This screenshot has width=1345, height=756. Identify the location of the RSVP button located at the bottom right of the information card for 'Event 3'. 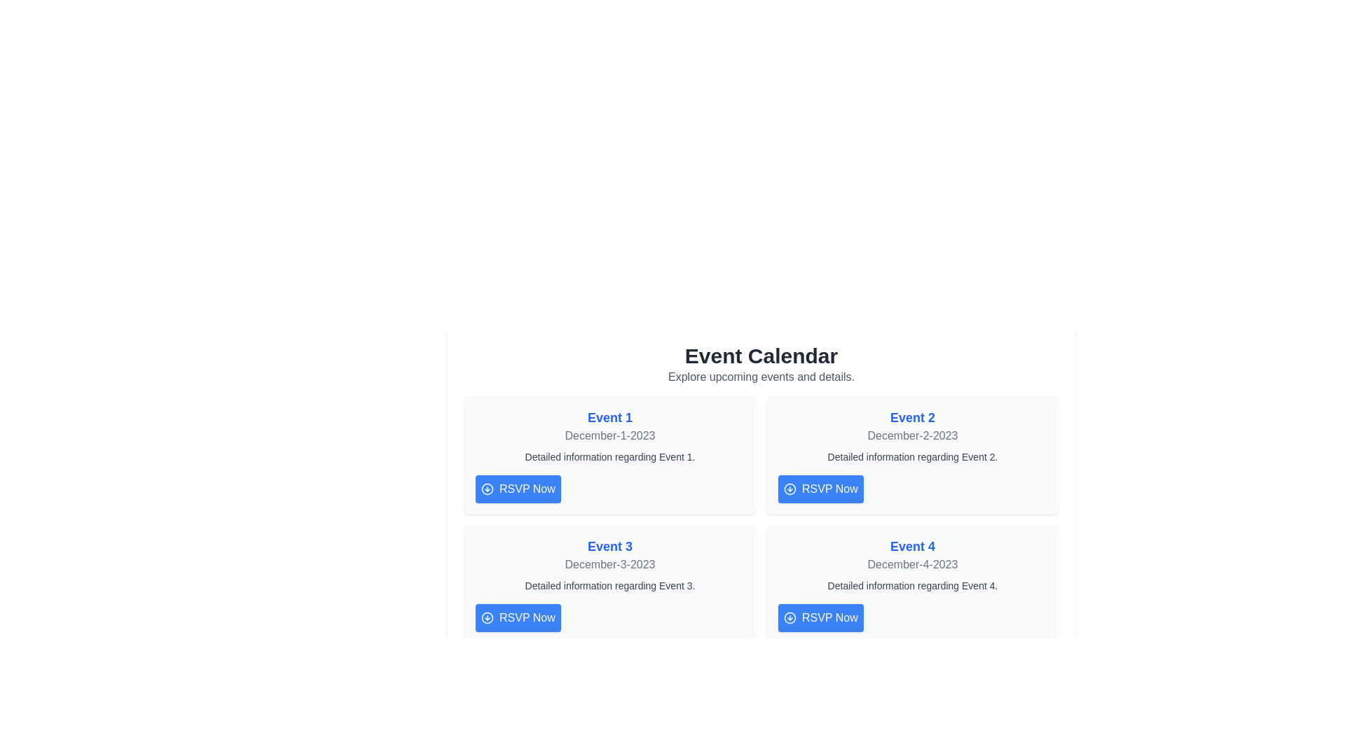
(517, 617).